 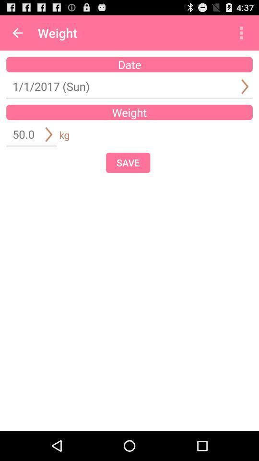 What do you see at coordinates (241, 33) in the screenshot?
I see `item to the right of weight icon` at bounding box center [241, 33].